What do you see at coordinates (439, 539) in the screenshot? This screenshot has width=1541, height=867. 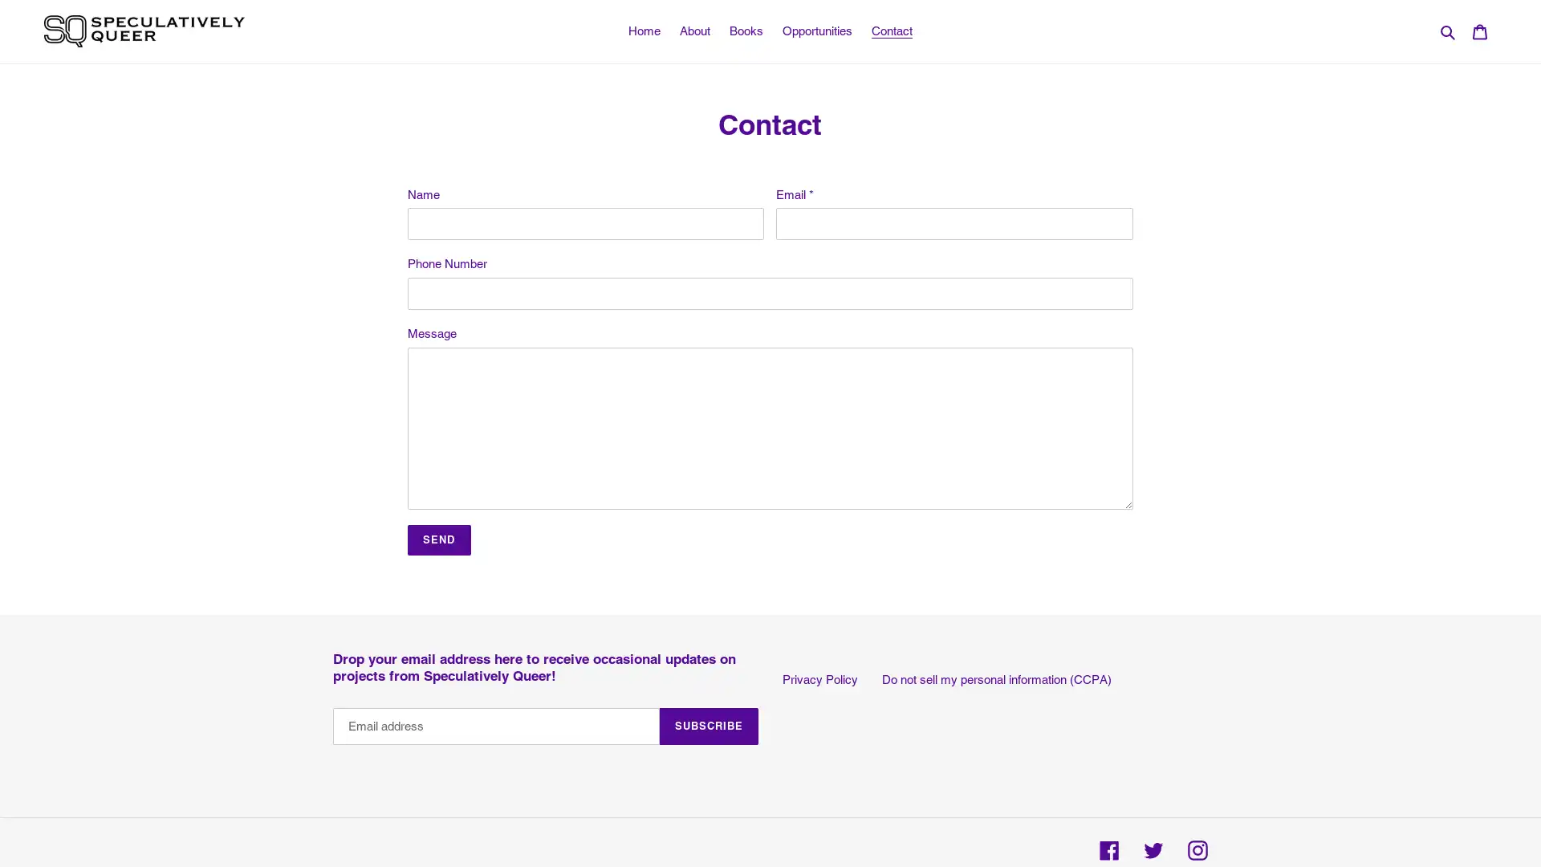 I see `Send` at bounding box center [439, 539].